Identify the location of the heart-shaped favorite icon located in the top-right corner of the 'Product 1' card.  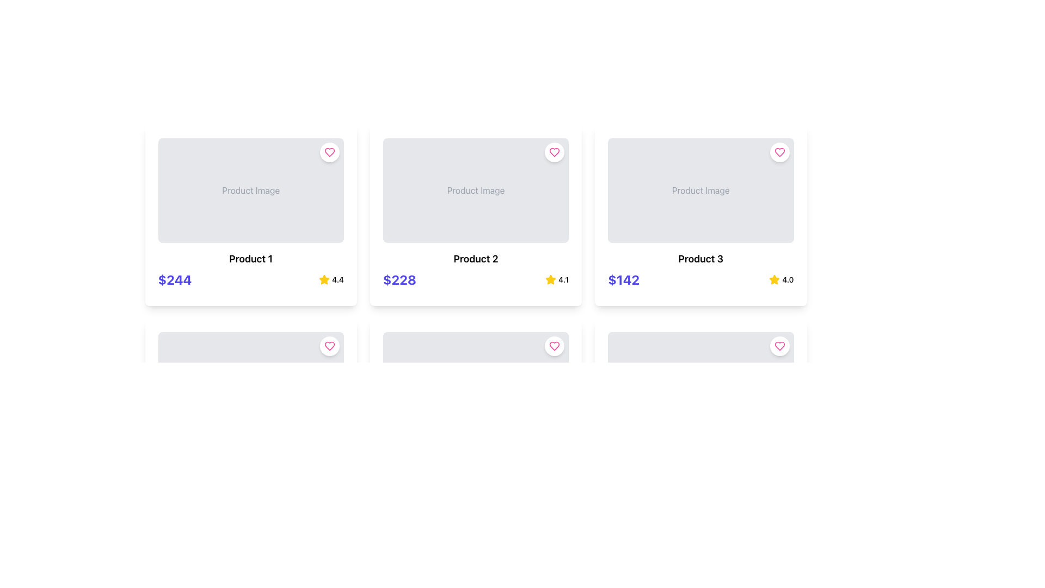
(329, 346).